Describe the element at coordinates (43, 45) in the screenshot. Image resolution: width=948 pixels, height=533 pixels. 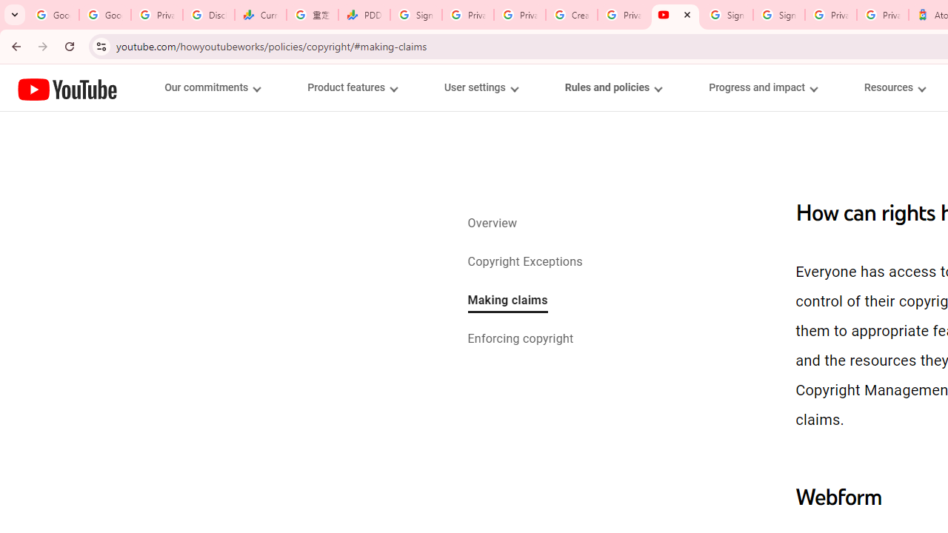
I see `'Forward'` at that location.